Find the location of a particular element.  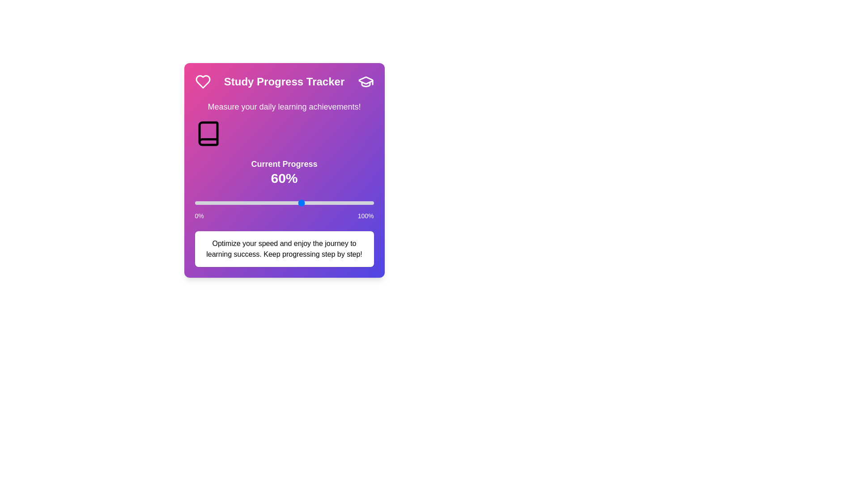

the progress percentage display to inspect its tooltip or hover effects is located at coordinates (284, 178).